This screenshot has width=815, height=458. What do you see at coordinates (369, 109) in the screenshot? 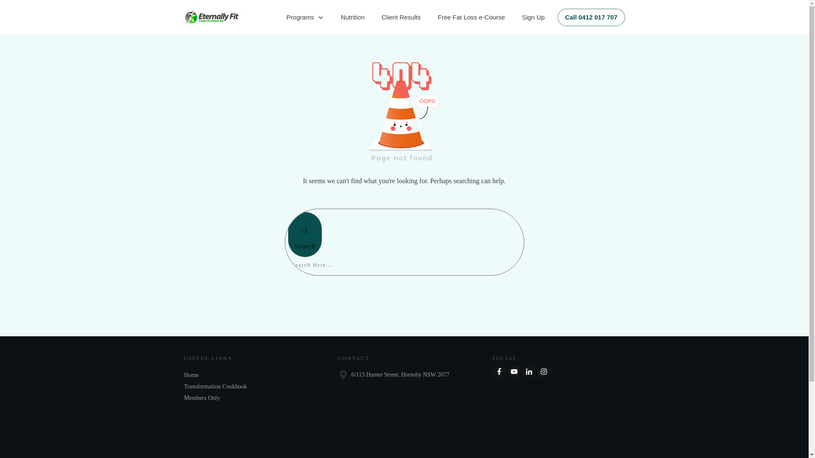
I see `'404 img alpha-8 (1)'` at bounding box center [369, 109].